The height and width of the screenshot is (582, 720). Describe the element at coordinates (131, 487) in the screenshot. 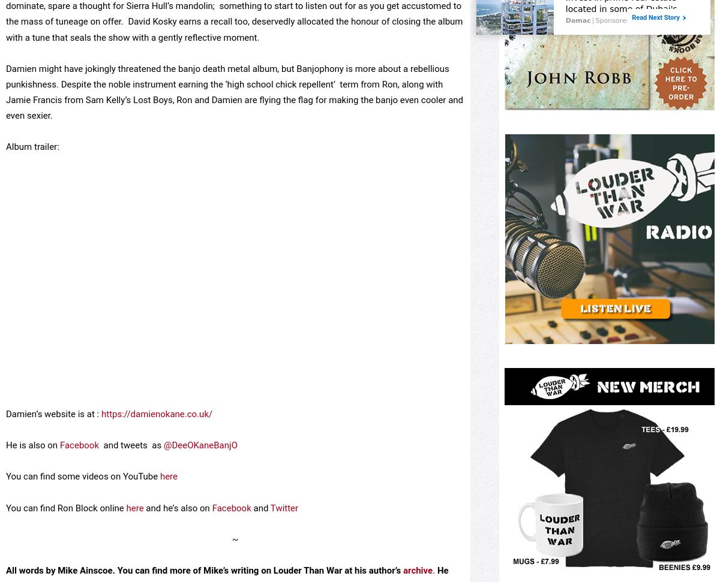

I see `'and tweets  as'` at that location.